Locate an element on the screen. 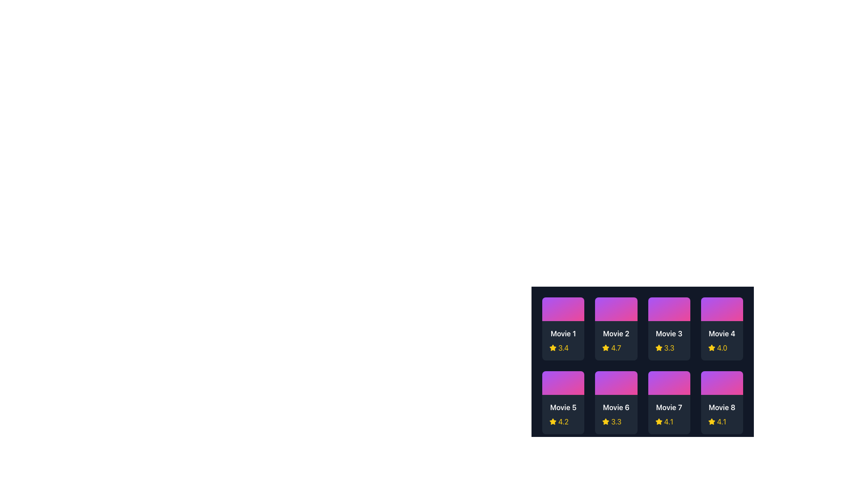 Image resolution: width=859 pixels, height=483 pixels. the thumbnail placeholder for 'Movie 5' is located at coordinates (563, 382).